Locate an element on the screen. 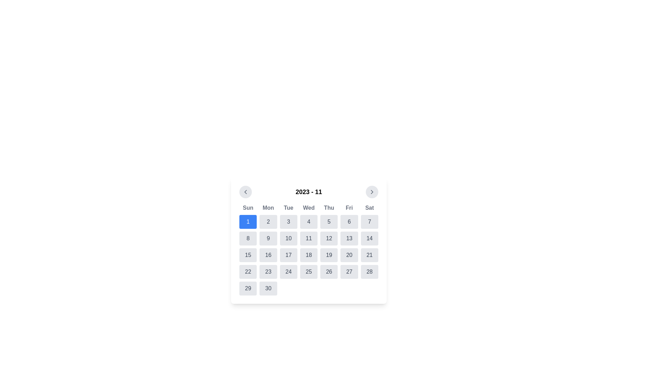  the rounded rectangular button with the number '4' in a medium gray font is located at coordinates (308, 222).